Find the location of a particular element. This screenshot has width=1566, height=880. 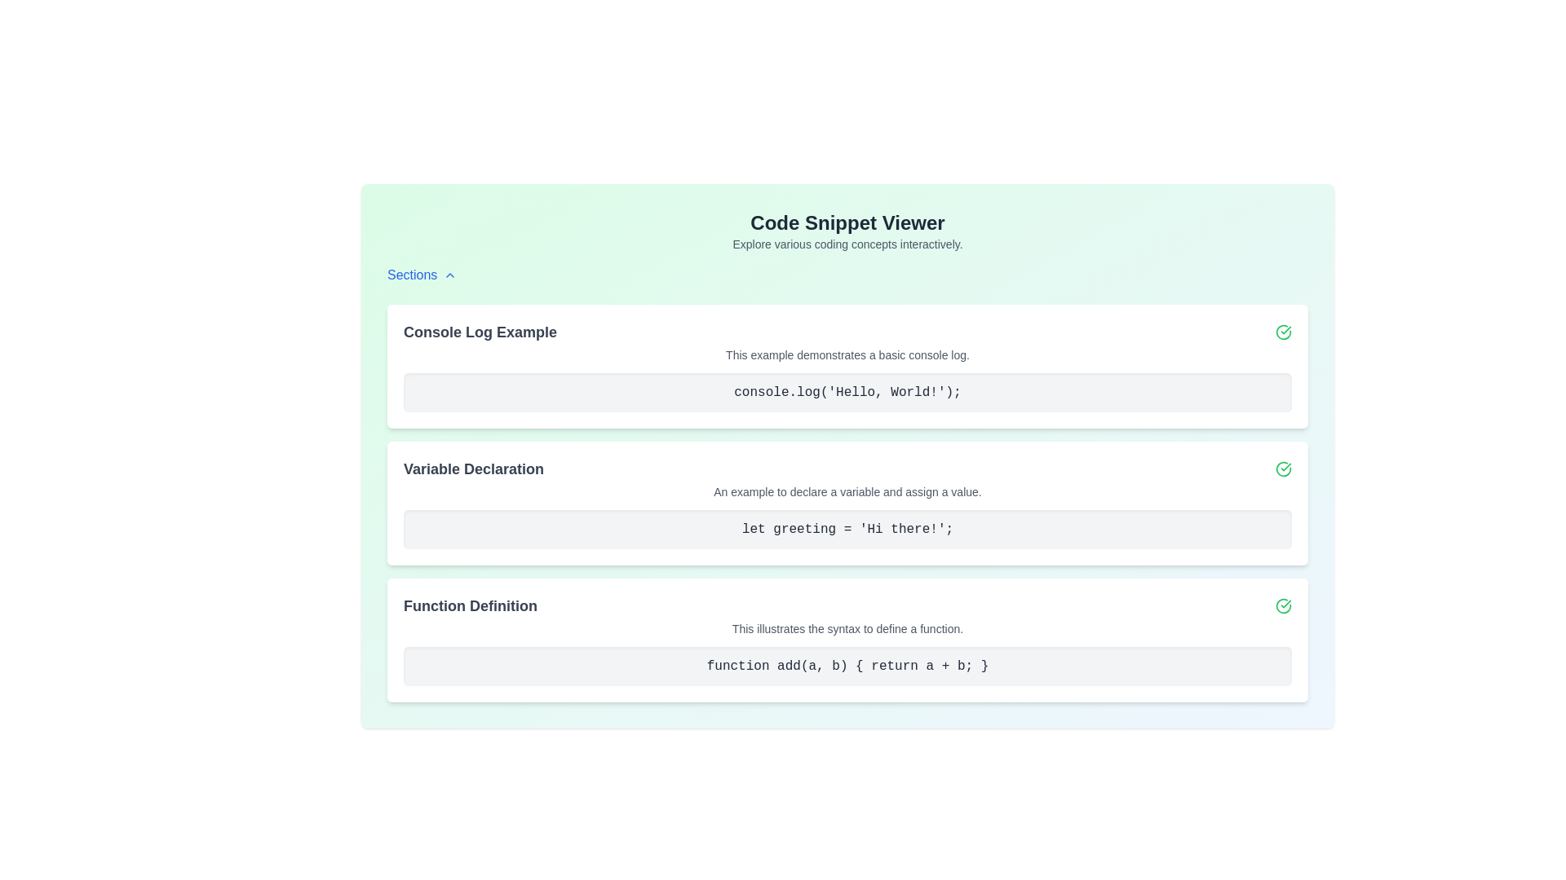

static text element displaying an example of a JavaScript function definition located in the 'Function Definition' section by clicking on its center is located at coordinates (847, 666).